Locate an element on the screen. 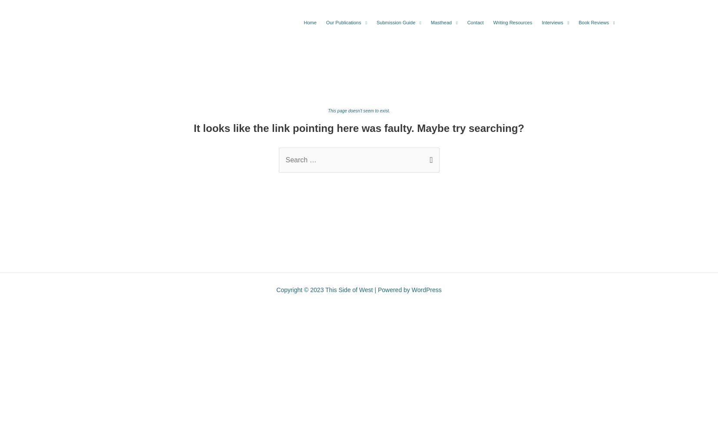 This screenshot has width=718, height=434. 'Our Publications' is located at coordinates (343, 23).